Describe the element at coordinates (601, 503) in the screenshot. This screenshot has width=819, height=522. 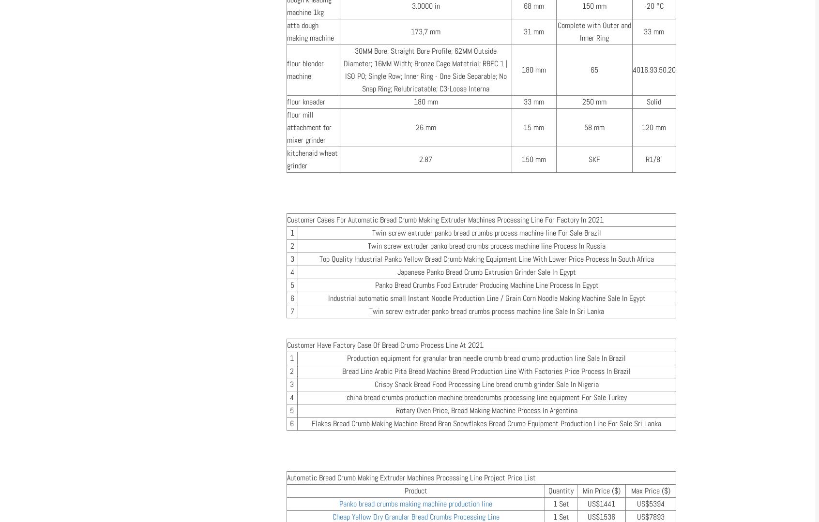
I see `'US$1441'` at that location.